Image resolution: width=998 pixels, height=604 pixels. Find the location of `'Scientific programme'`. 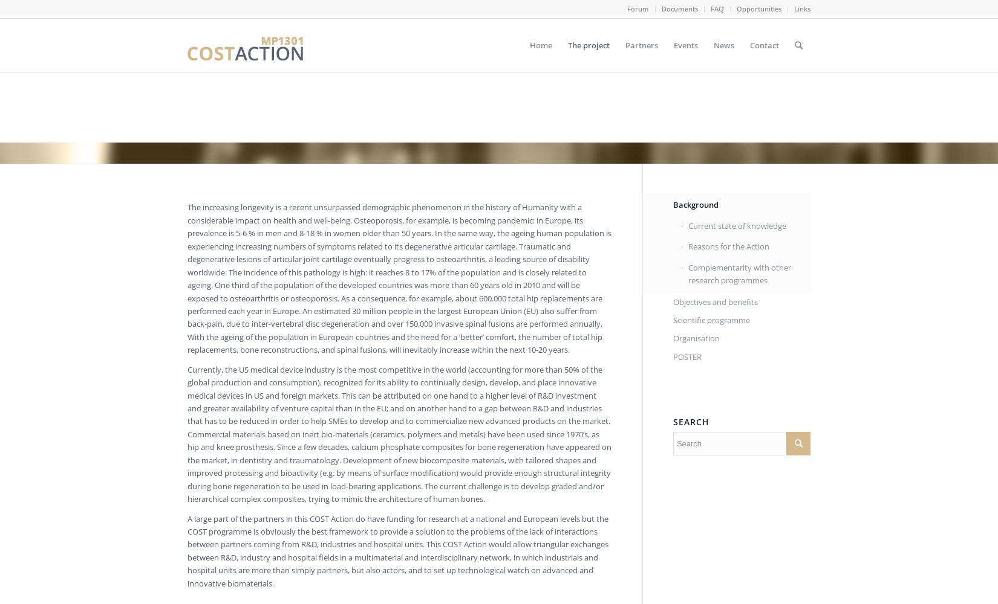

'Scientific programme' is located at coordinates (672, 320).